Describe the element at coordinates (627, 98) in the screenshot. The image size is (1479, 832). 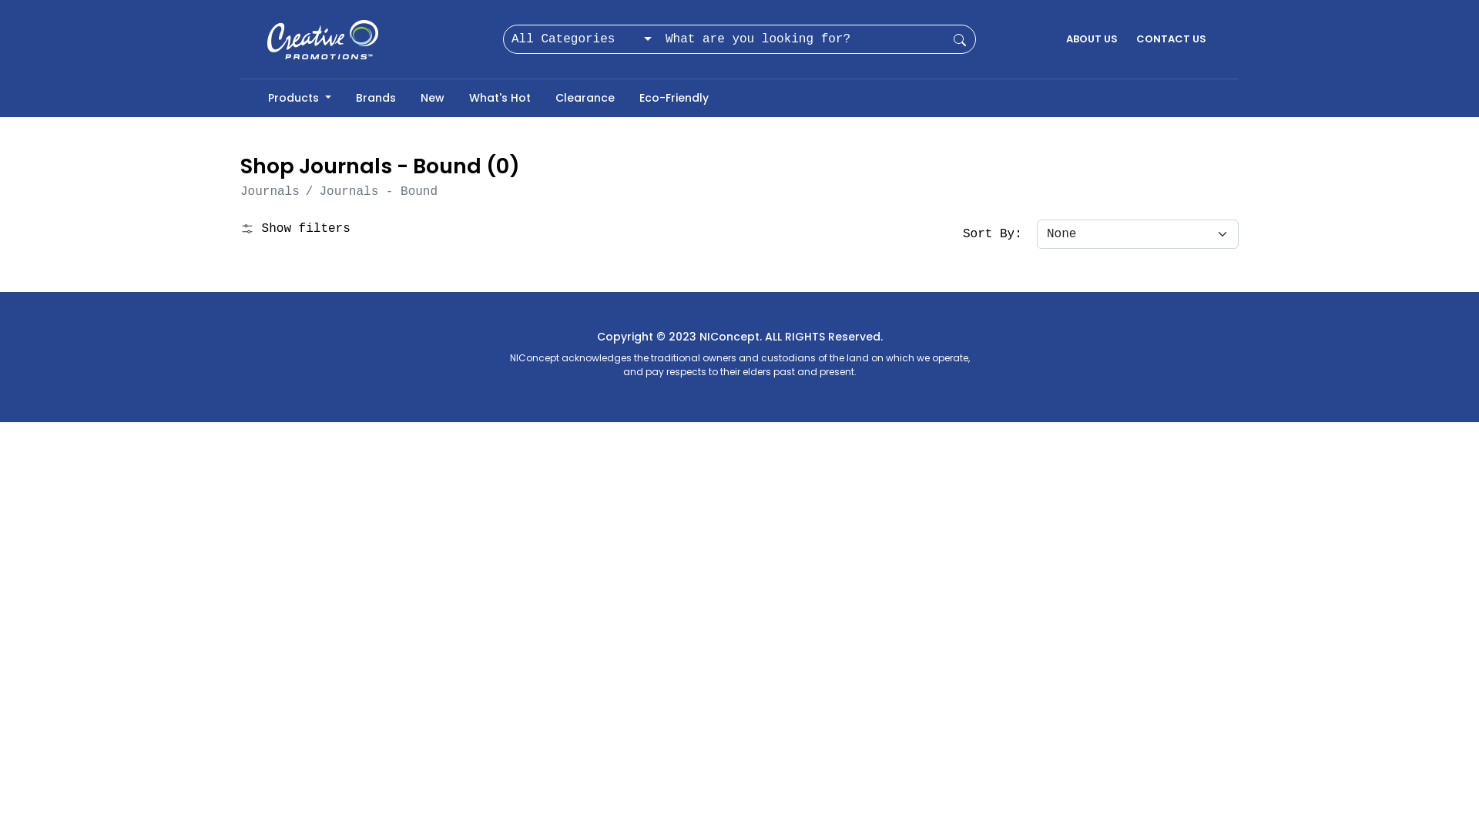
I see `'Eco-Friendly'` at that location.